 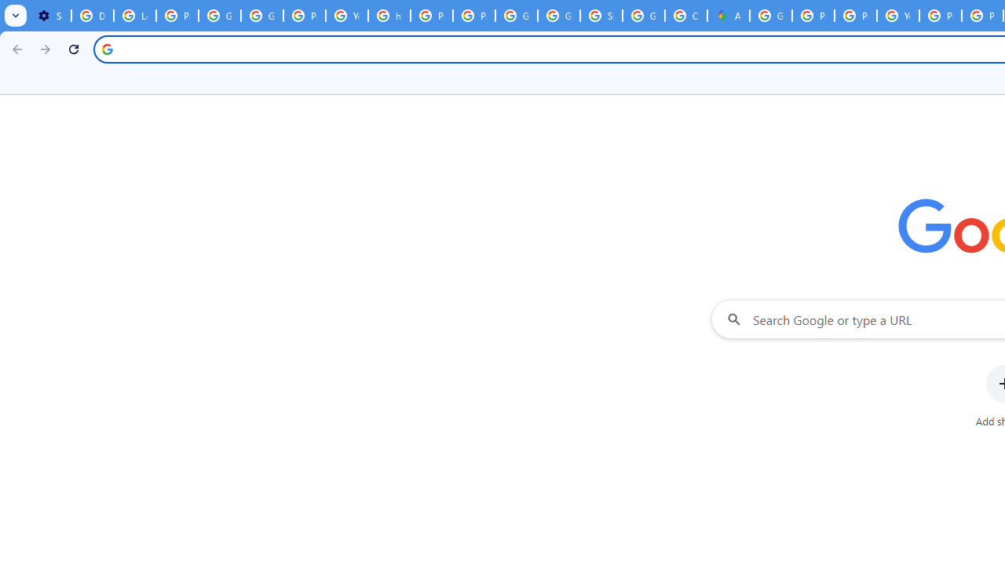 What do you see at coordinates (15, 48) in the screenshot?
I see `'Back'` at bounding box center [15, 48].